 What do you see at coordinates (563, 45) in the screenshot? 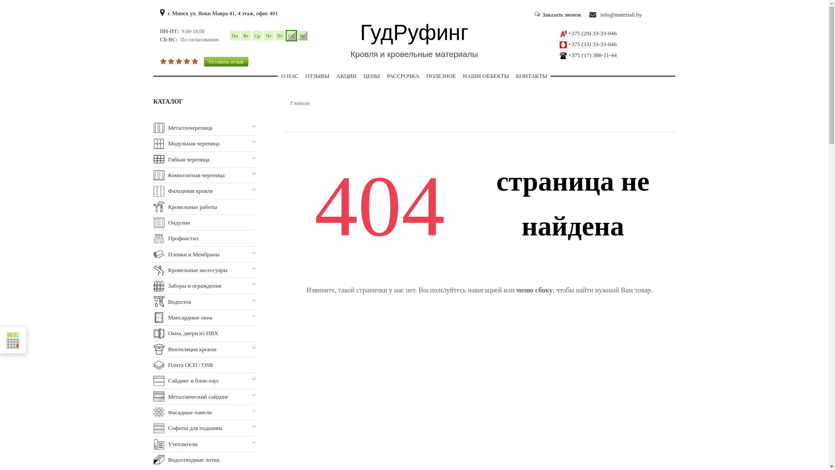
I see `'mts'` at bounding box center [563, 45].